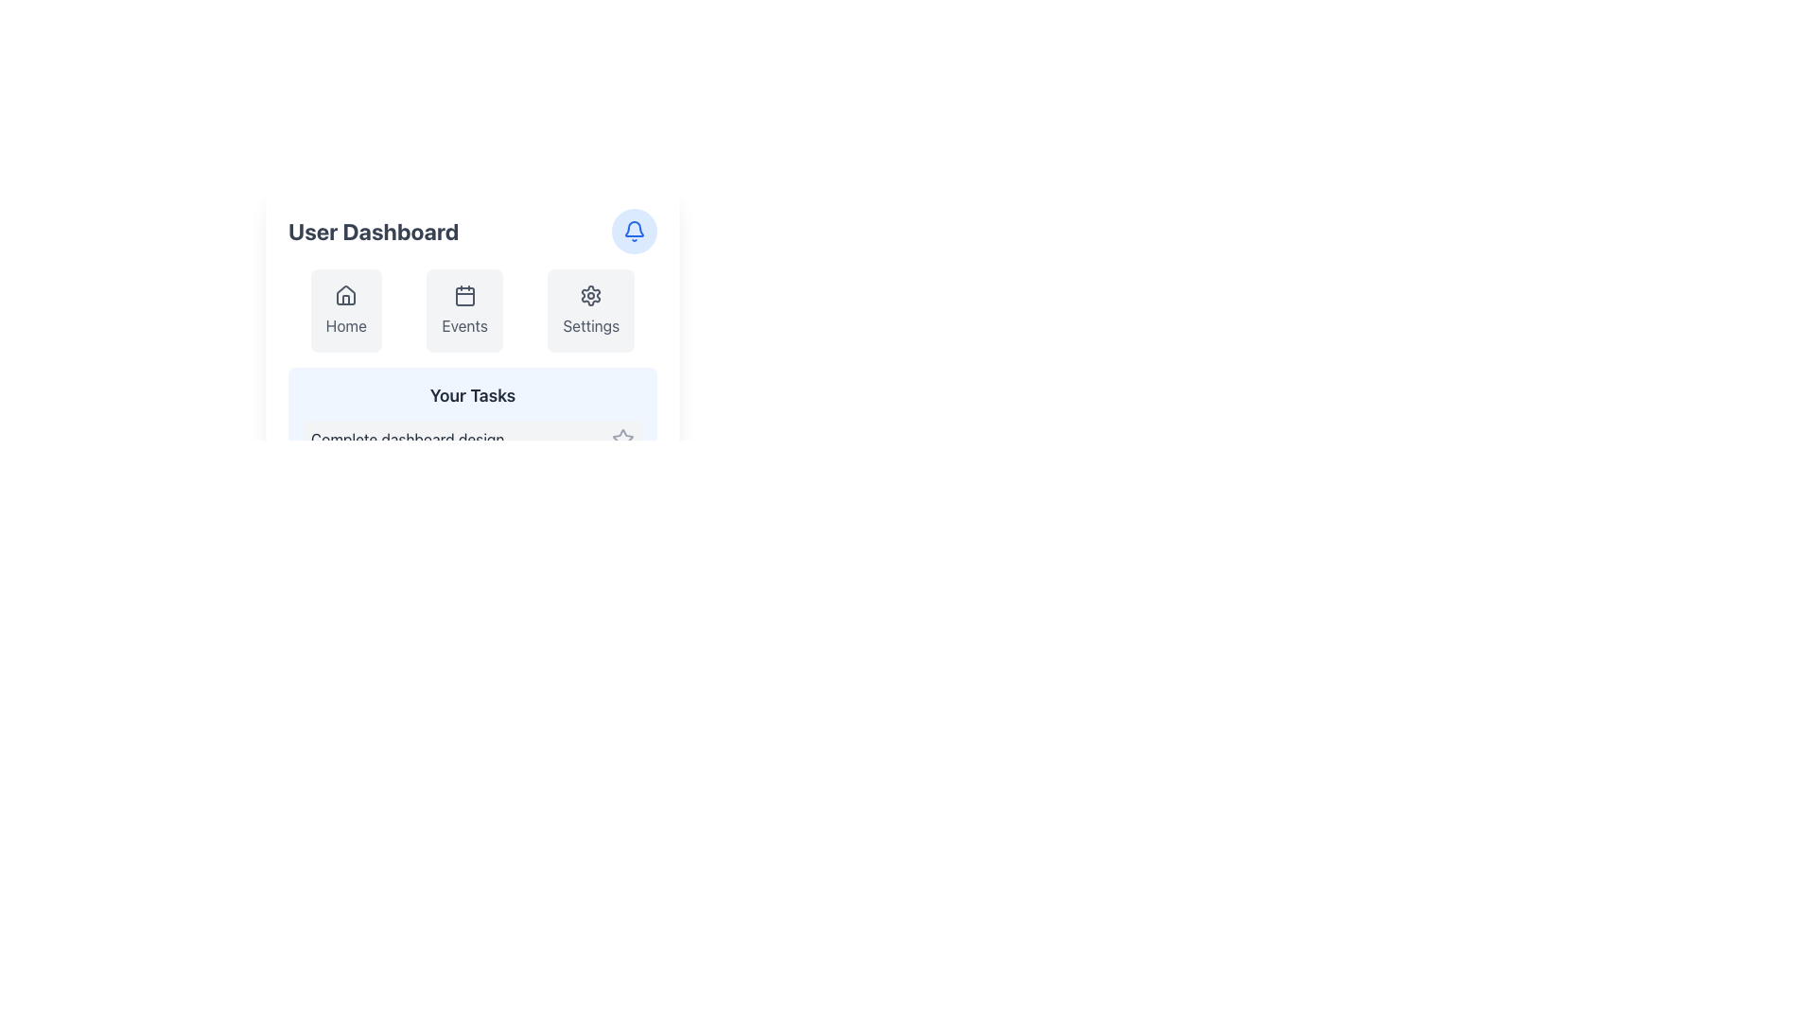  I want to click on the star icon located at the right end of the 'Complete dashboard design' task item, which changes color from gray to blue on hover, so click(622, 440).